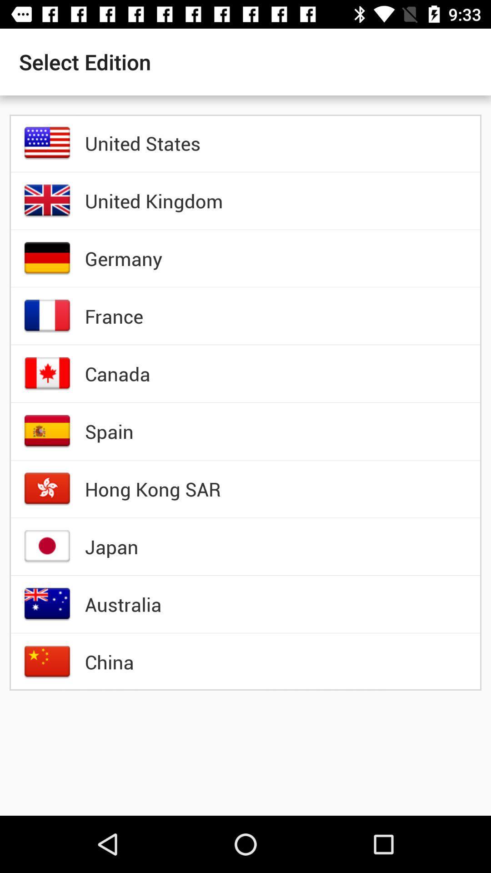 This screenshot has height=873, width=491. Describe the element at coordinates (153, 200) in the screenshot. I see `the united kingdom icon` at that location.